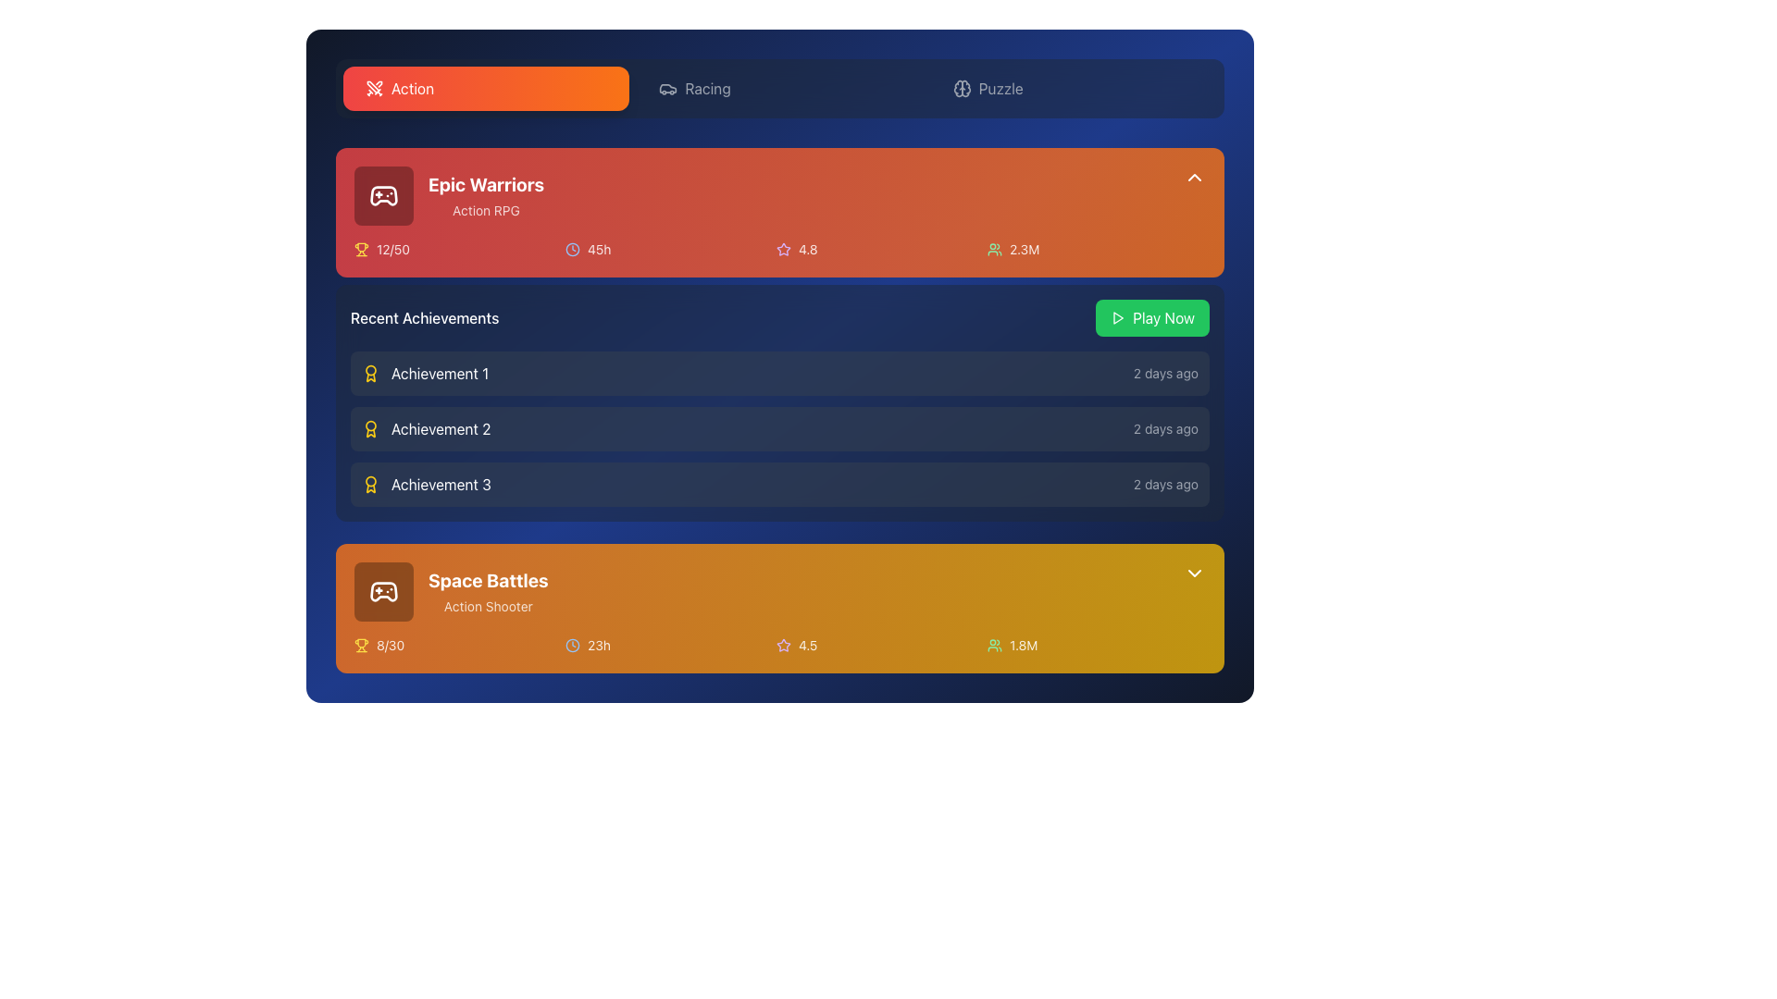 The height and width of the screenshot is (999, 1777). What do you see at coordinates (780, 401) in the screenshot?
I see `the 'Recent Achievements' card, which is a semi-transparent gray card with rounded corners` at bounding box center [780, 401].